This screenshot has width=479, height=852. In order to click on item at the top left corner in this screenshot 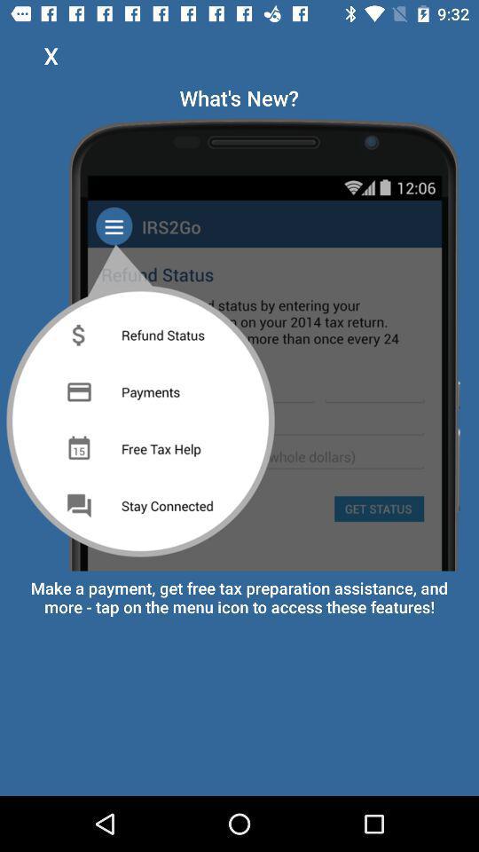, I will do `click(51, 55)`.